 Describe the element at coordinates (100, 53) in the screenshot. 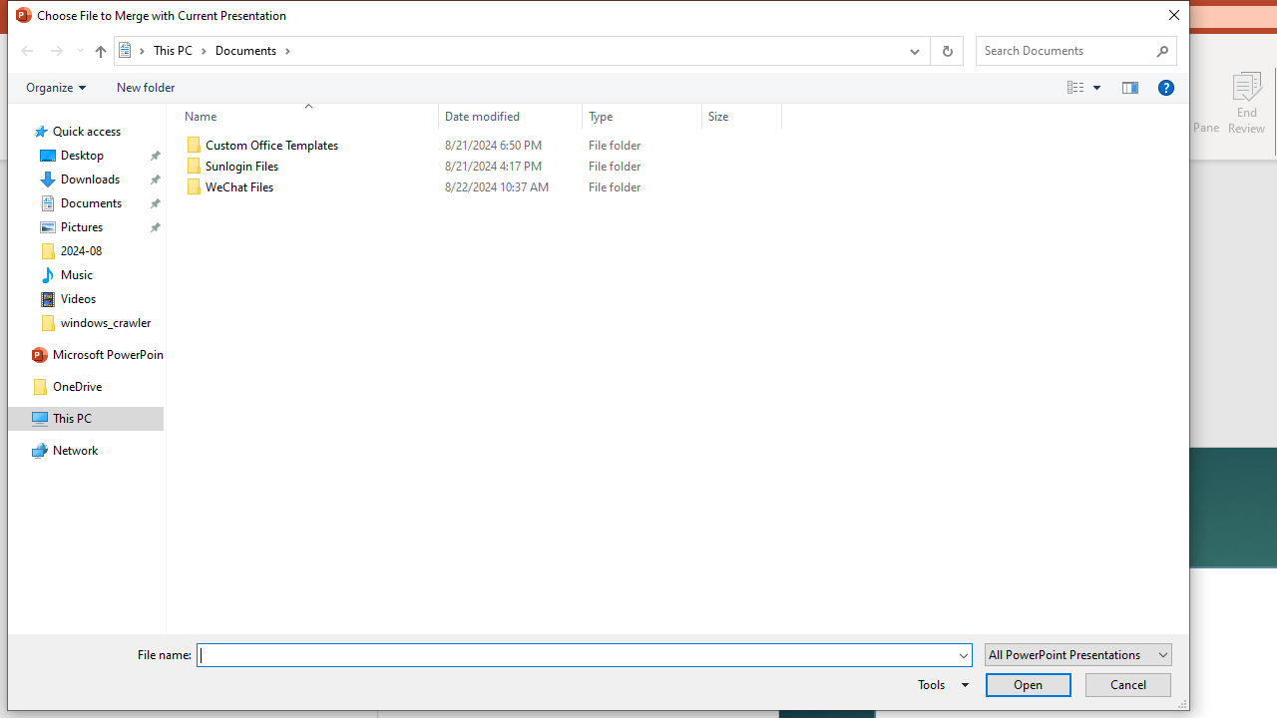

I see `'Up band toolbar'` at that location.